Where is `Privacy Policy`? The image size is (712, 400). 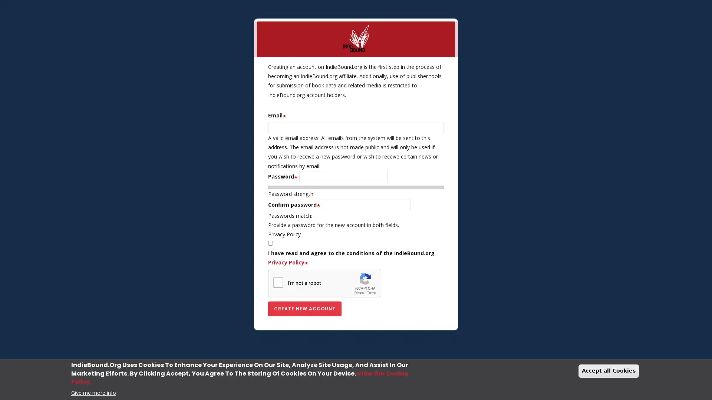 Privacy Policy is located at coordinates (356, 234).